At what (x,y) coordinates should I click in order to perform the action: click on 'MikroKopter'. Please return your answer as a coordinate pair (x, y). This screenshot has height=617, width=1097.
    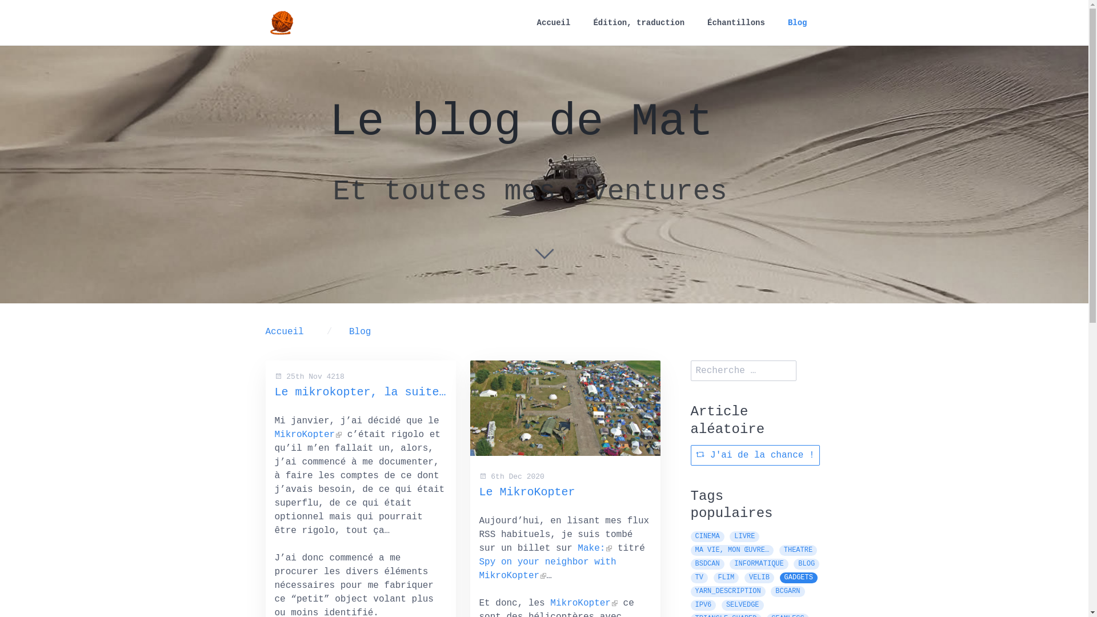
    Looking at the image, I should click on (307, 434).